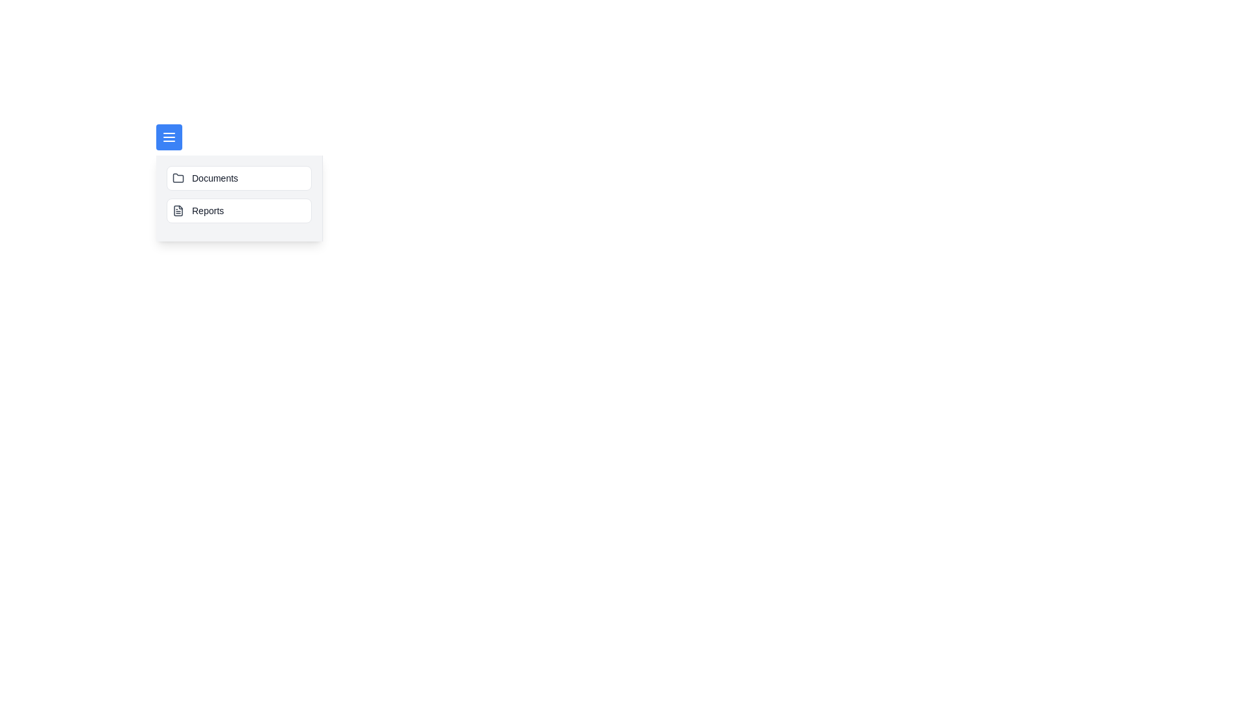  Describe the element at coordinates (239, 178) in the screenshot. I see `the category Documents from the side menu` at that location.